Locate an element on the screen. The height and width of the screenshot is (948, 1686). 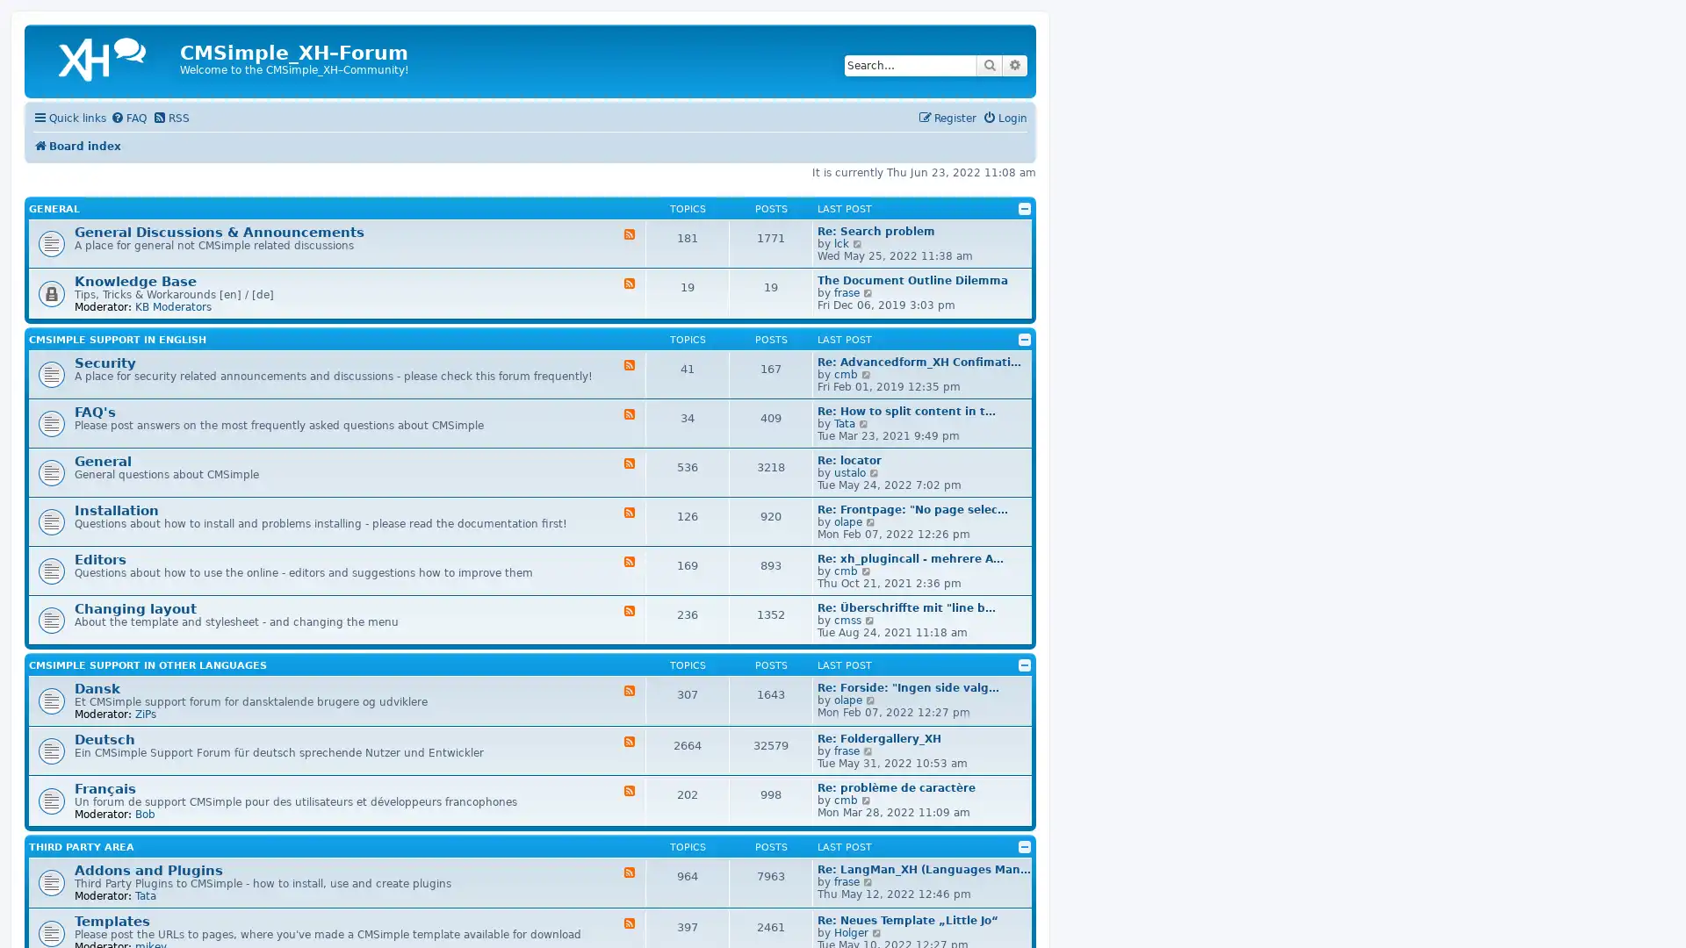
Search is located at coordinates (990, 64).